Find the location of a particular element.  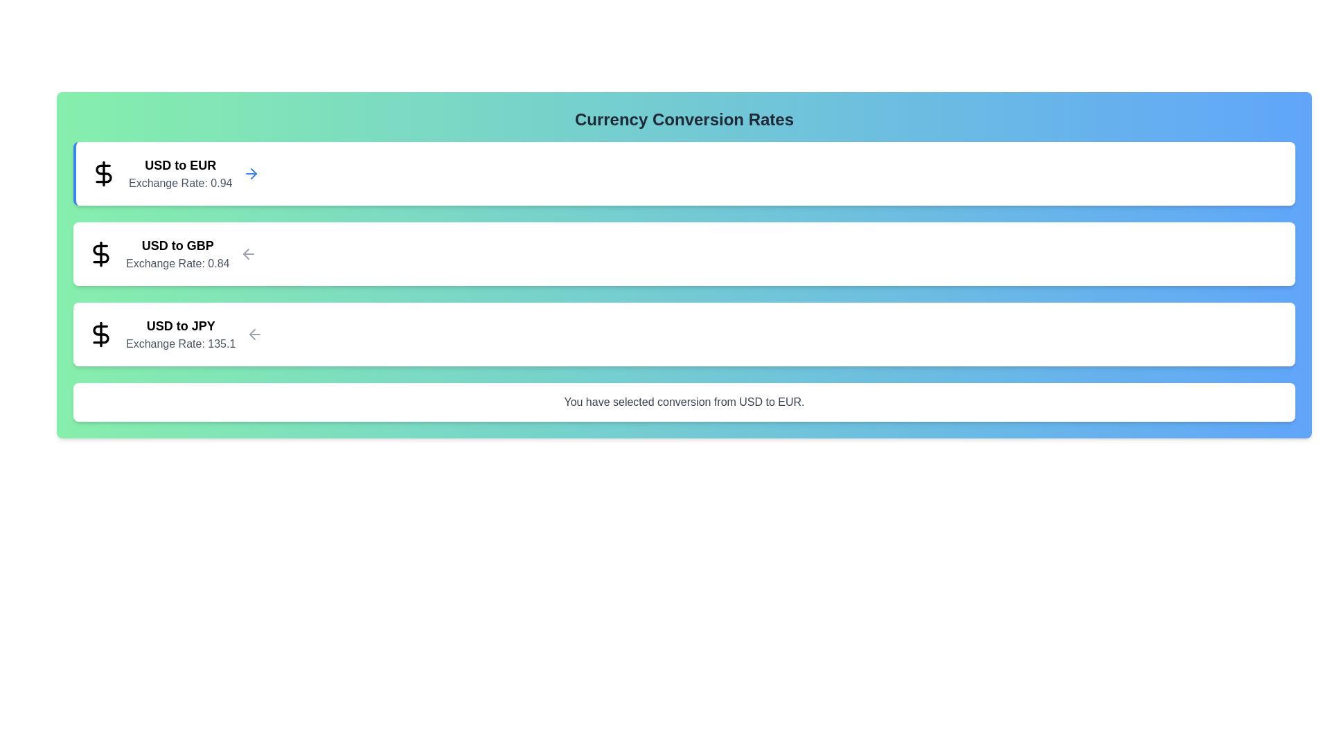

the dollar currency icon located to the left of the 'USD to GBP' exchange rate option in the vertical list of currency conversion options is located at coordinates (100, 253).